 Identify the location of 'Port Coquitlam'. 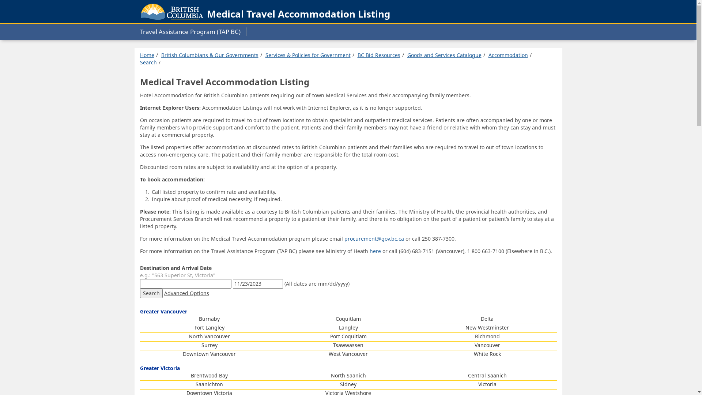
(329, 336).